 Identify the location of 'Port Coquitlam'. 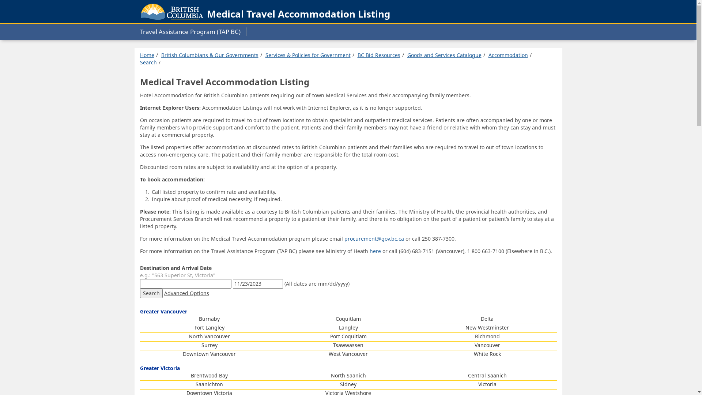
(329, 336).